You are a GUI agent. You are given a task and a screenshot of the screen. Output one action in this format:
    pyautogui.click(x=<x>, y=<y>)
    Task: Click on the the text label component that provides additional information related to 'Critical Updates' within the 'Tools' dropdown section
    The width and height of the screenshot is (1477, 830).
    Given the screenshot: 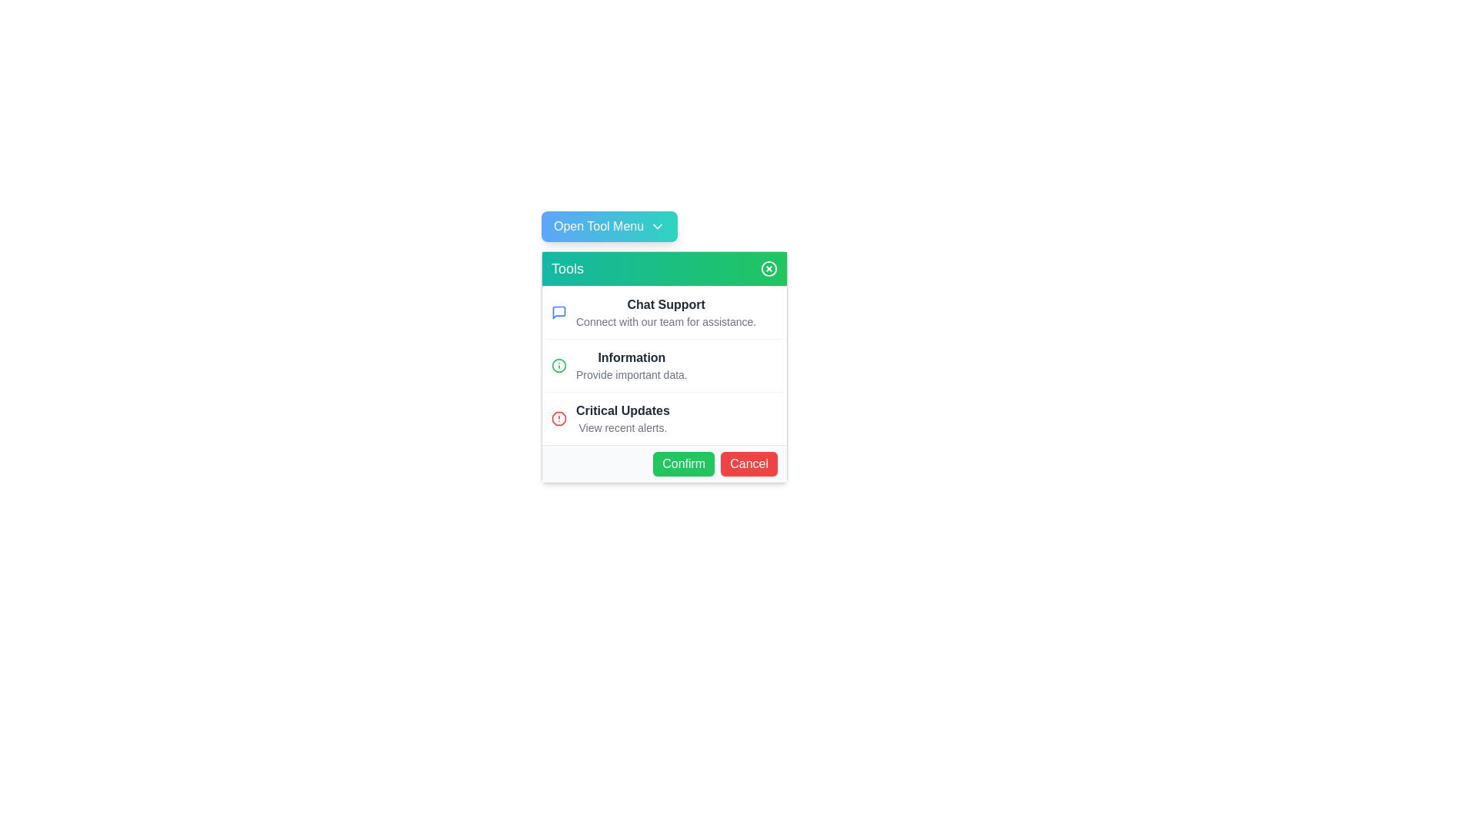 What is the action you would take?
    pyautogui.click(x=622, y=427)
    